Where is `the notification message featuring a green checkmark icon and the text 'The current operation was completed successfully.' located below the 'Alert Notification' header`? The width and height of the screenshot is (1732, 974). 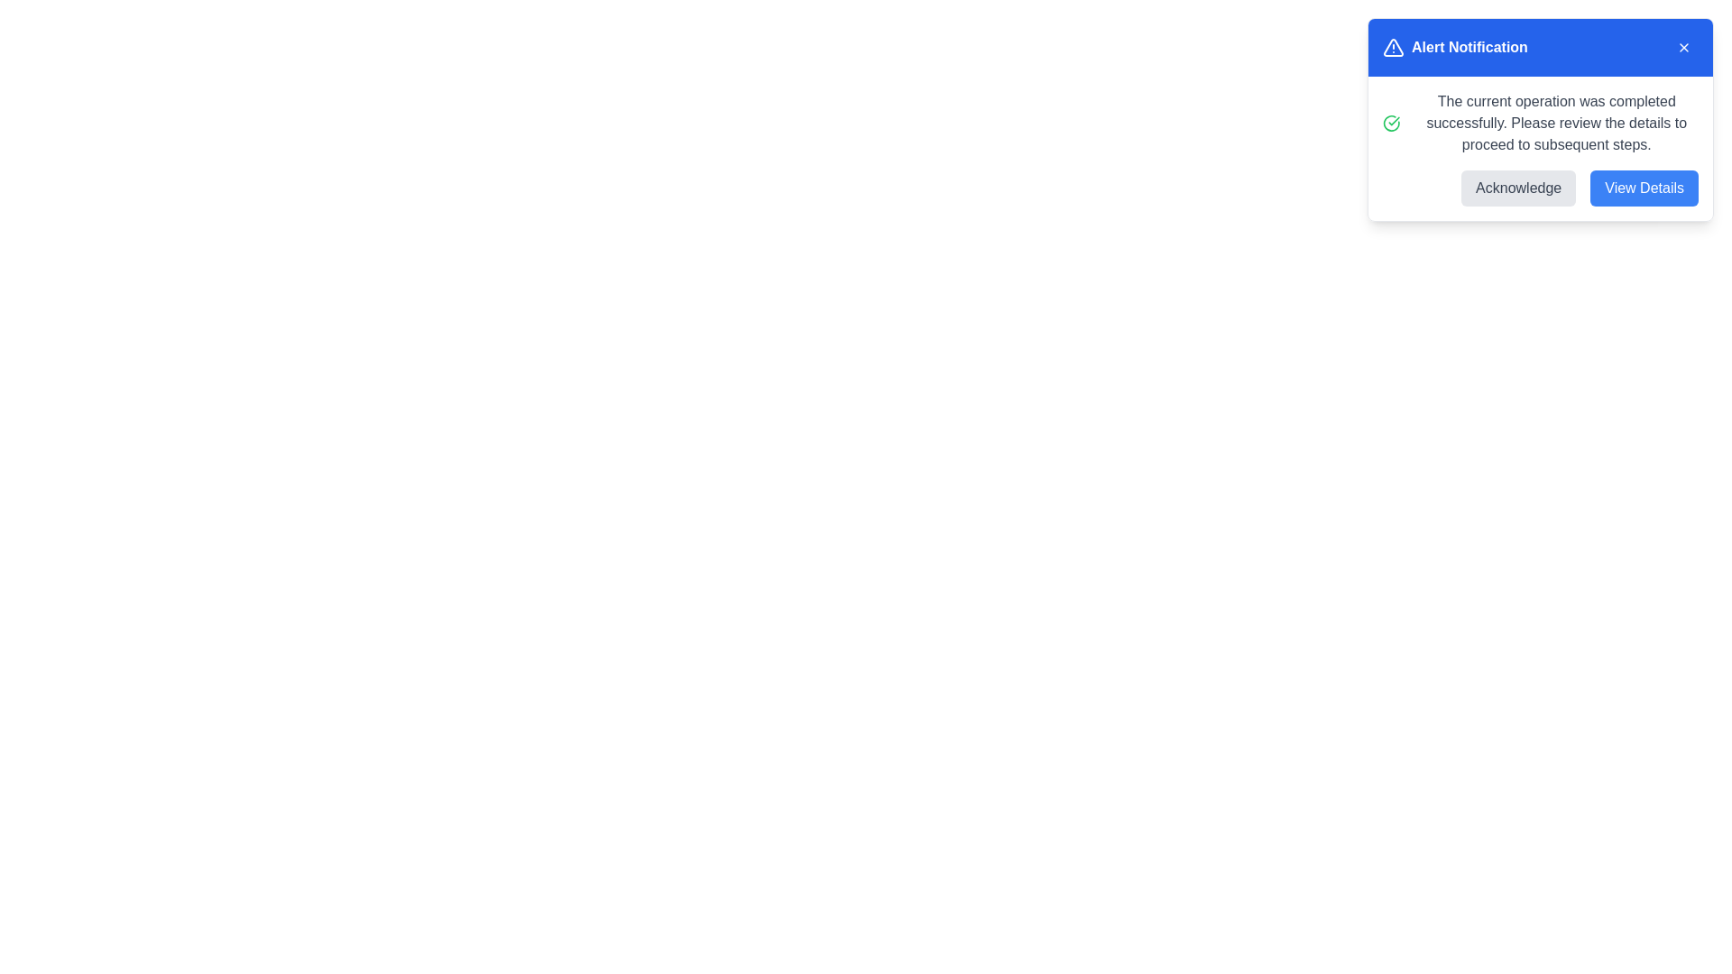 the notification message featuring a green checkmark icon and the text 'The current operation was completed successfully.' located below the 'Alert Notification' header is located at coordinates (1540, 123).